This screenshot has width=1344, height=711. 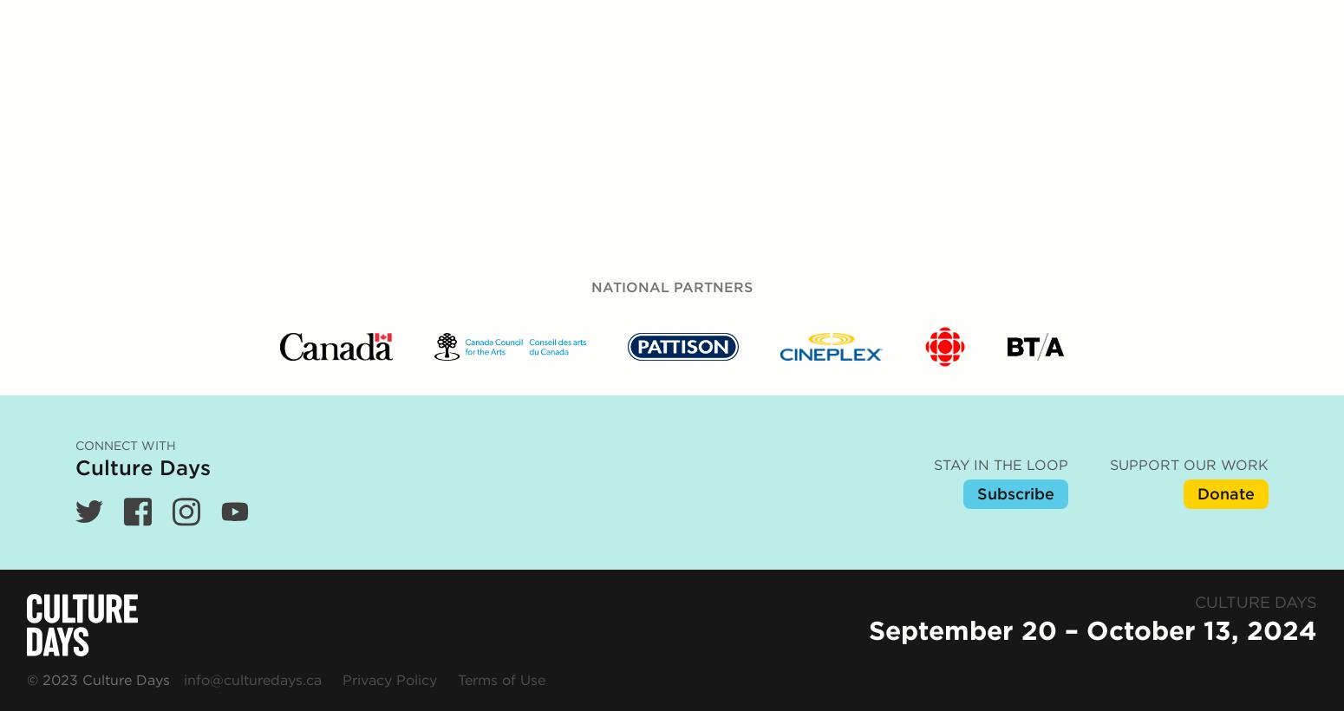 I want to click on 'Privacy Policy', so click(x=342, y=307).